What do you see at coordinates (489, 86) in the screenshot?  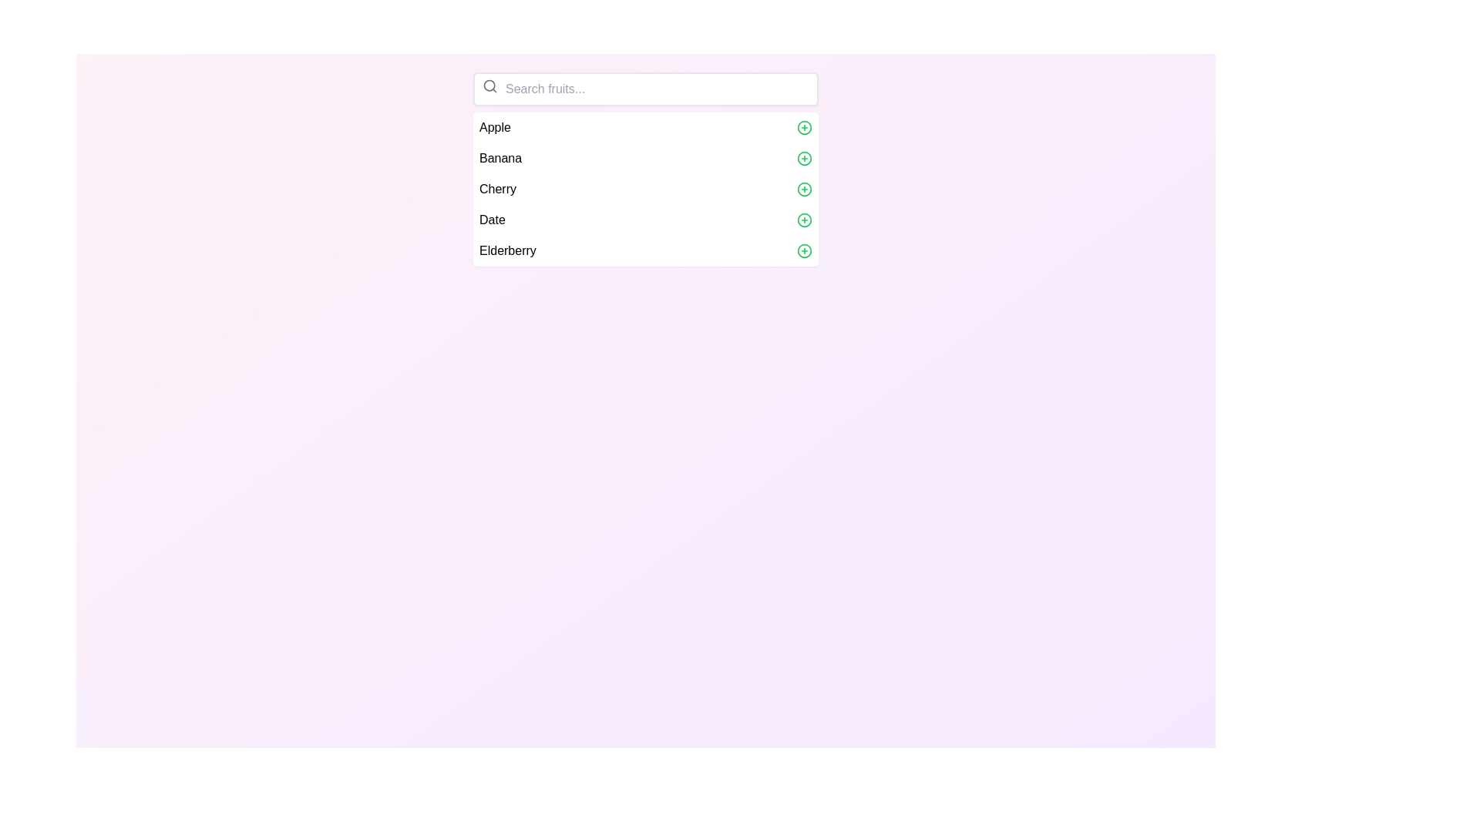 I see `the search icon located on the left part of the text input field, which indicates the search capability for entering a query` at bounding box center [489, 86].